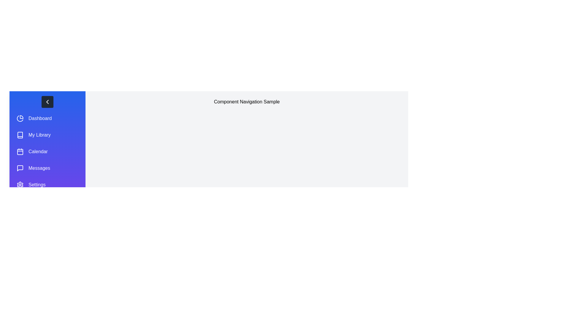 The image size is (570, 320). What do you see at coordinates (47, 151) in the screenshot?
I see `the menu item Calendar from the navigation panel` at bounding box center [47, 151].